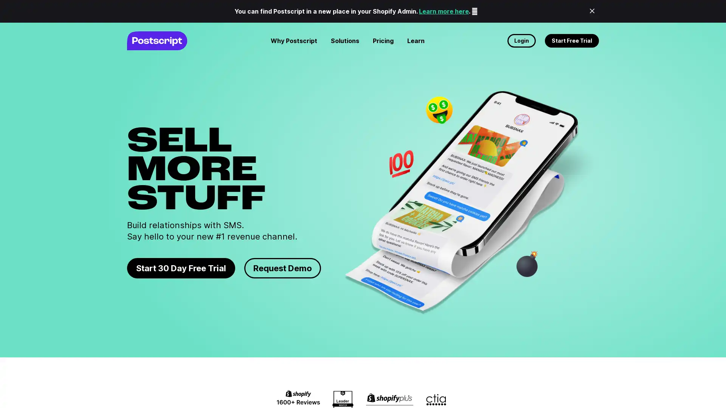  I want to click on Close Banner Announcenment, so click(591, 11).